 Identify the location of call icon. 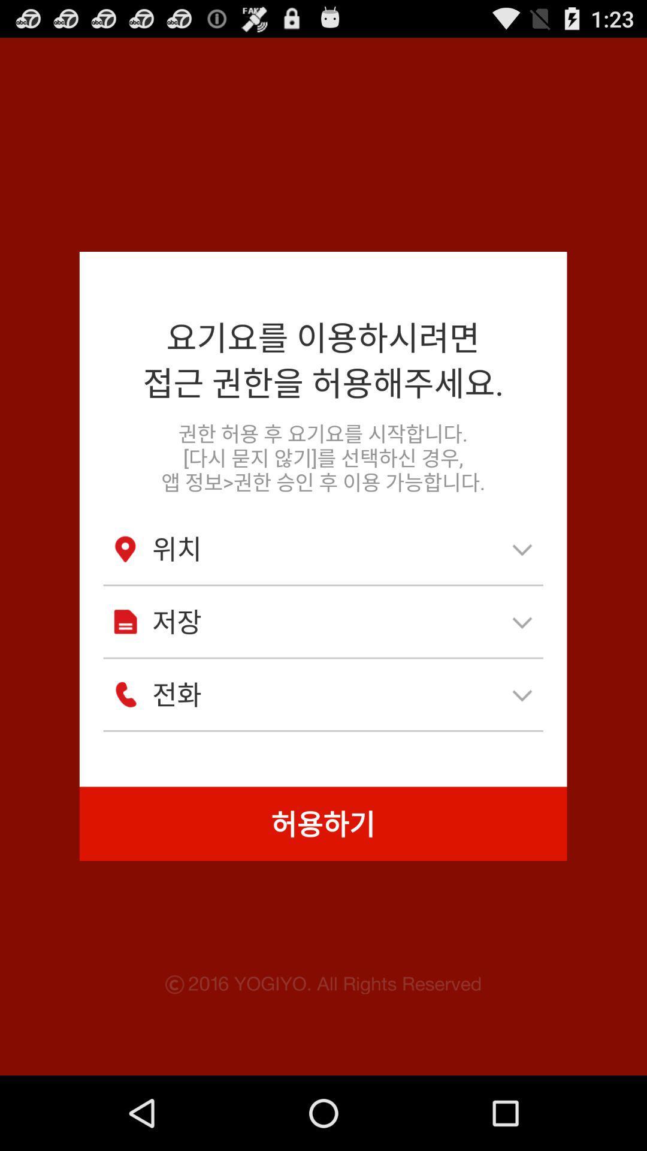
(125, 694).